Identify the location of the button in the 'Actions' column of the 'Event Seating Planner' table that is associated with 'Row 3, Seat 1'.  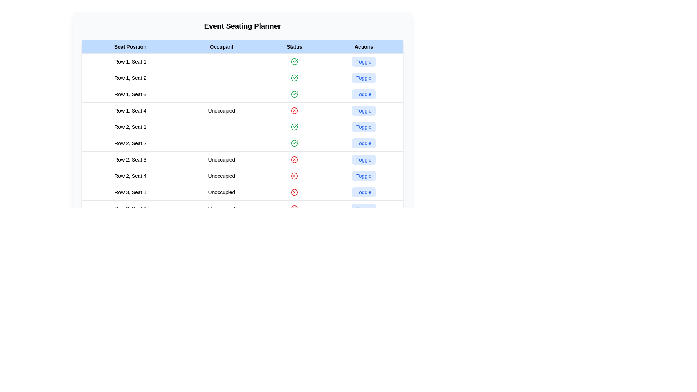
(364, 192).